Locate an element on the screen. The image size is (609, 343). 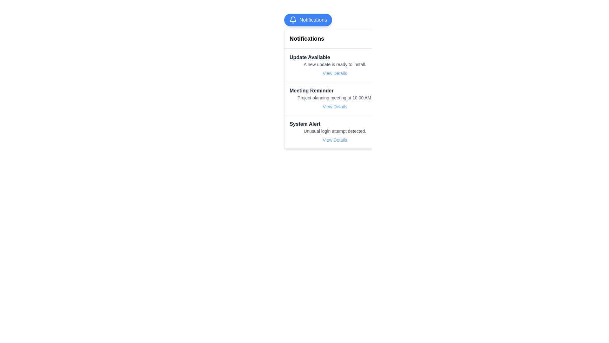
the close button located at the far-right section of the notifications panel is located at coordinates (376, 39).